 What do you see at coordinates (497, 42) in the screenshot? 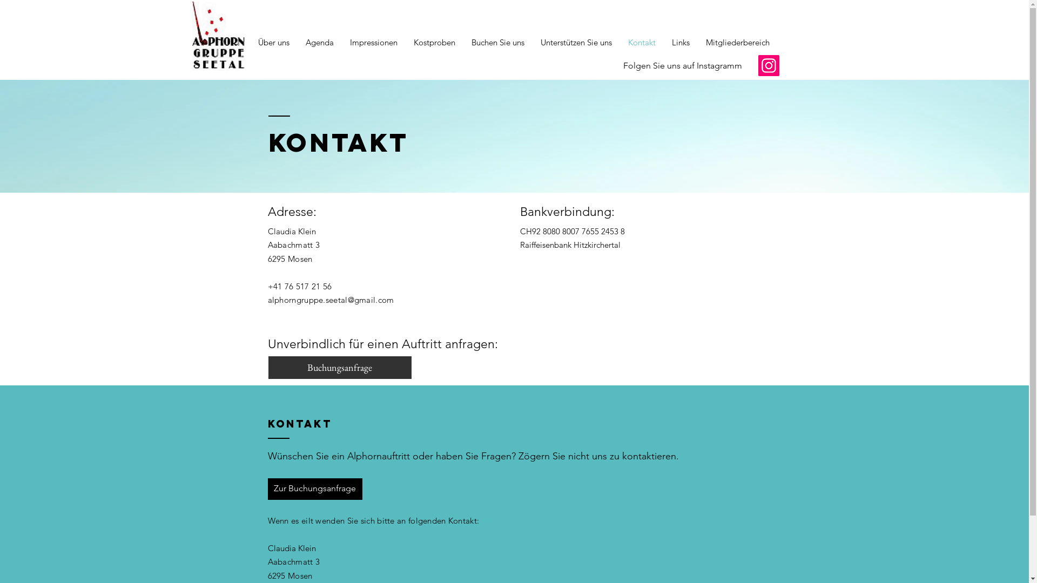
I see `'Buchen Sie uns'` at bounding box center [497, 42].